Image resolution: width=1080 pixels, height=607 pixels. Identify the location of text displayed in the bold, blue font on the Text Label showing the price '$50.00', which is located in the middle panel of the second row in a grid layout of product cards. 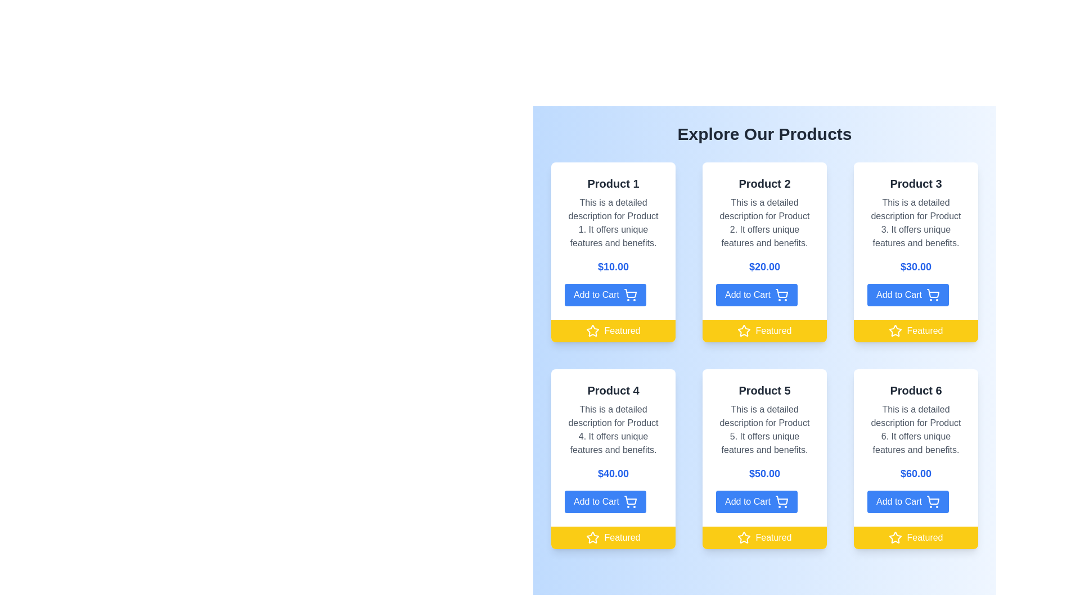
(764, 474).